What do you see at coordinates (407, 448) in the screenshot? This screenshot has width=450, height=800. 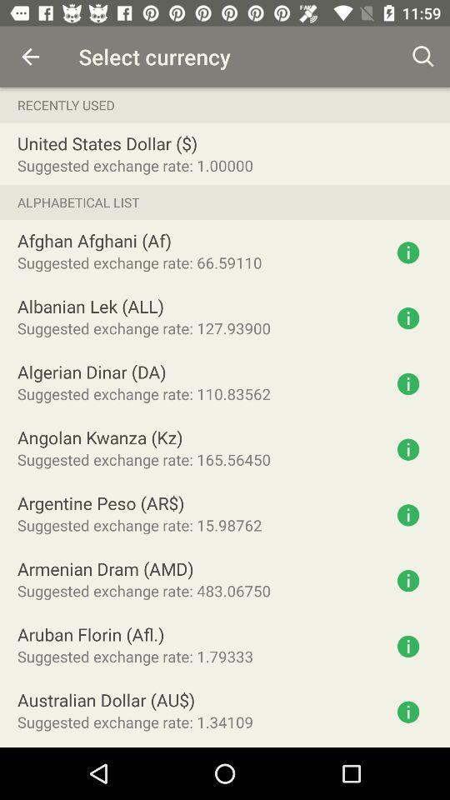 I see `get information` at bounding box center [407, 448].